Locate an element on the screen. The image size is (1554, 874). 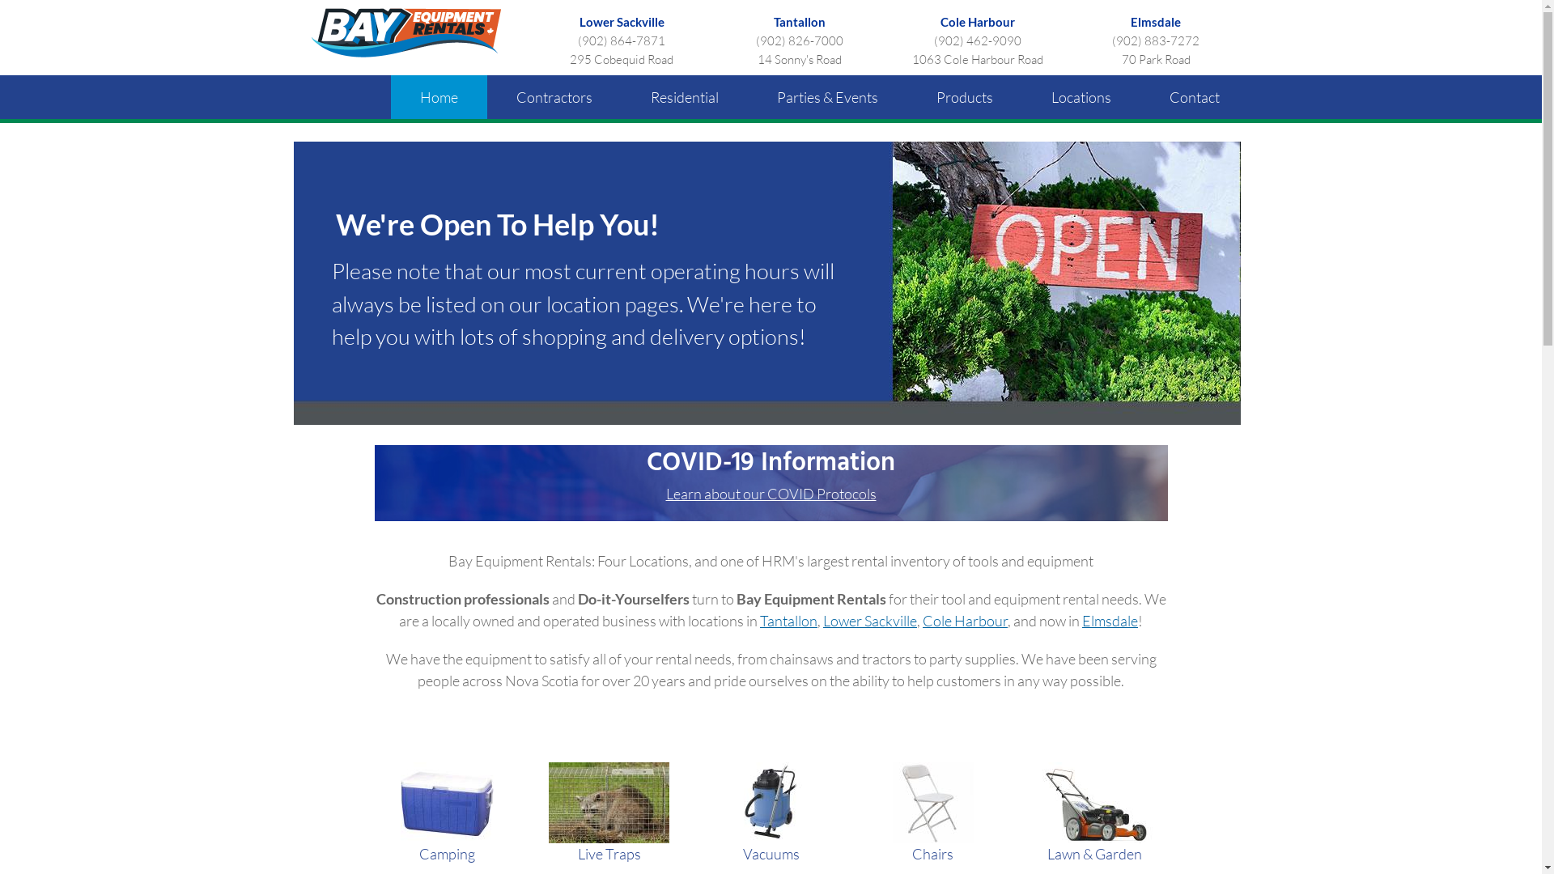
'Tantallon' is located at coordinates (788, 620).